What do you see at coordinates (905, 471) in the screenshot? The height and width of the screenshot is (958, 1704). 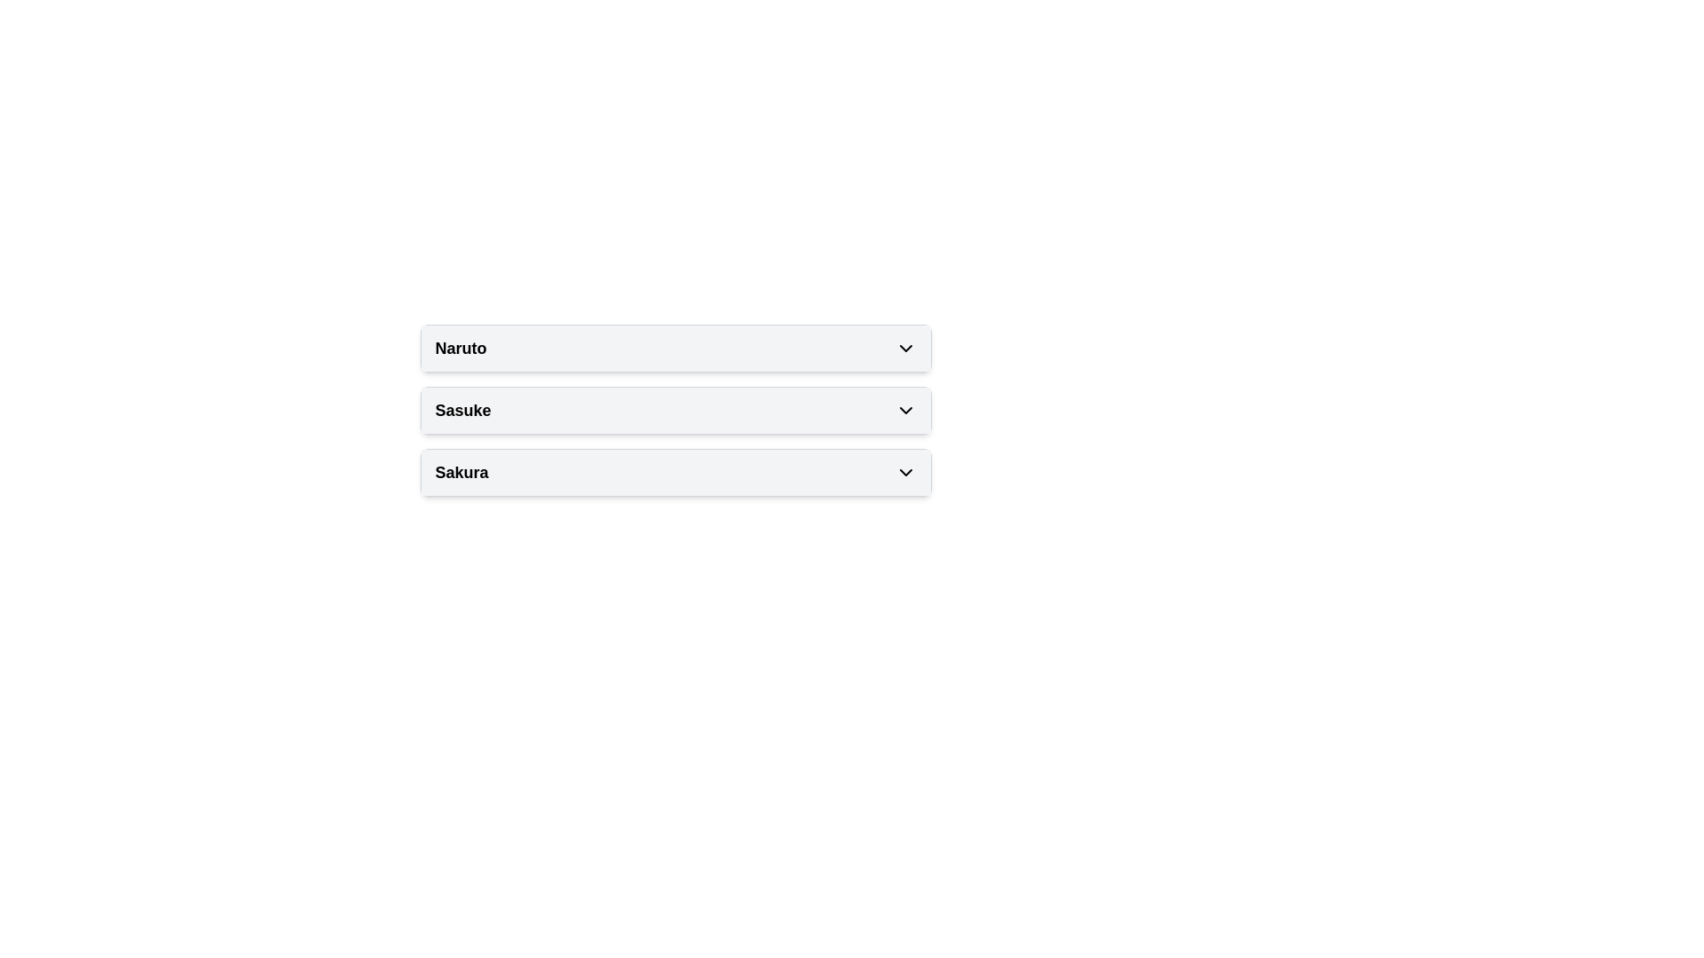 I see `the Dropdown toggle icon, which is a downward-facing chevron located at the rightmost edge of the gray bar containing the text 'Sakura'` at bounding box center [905, 471].